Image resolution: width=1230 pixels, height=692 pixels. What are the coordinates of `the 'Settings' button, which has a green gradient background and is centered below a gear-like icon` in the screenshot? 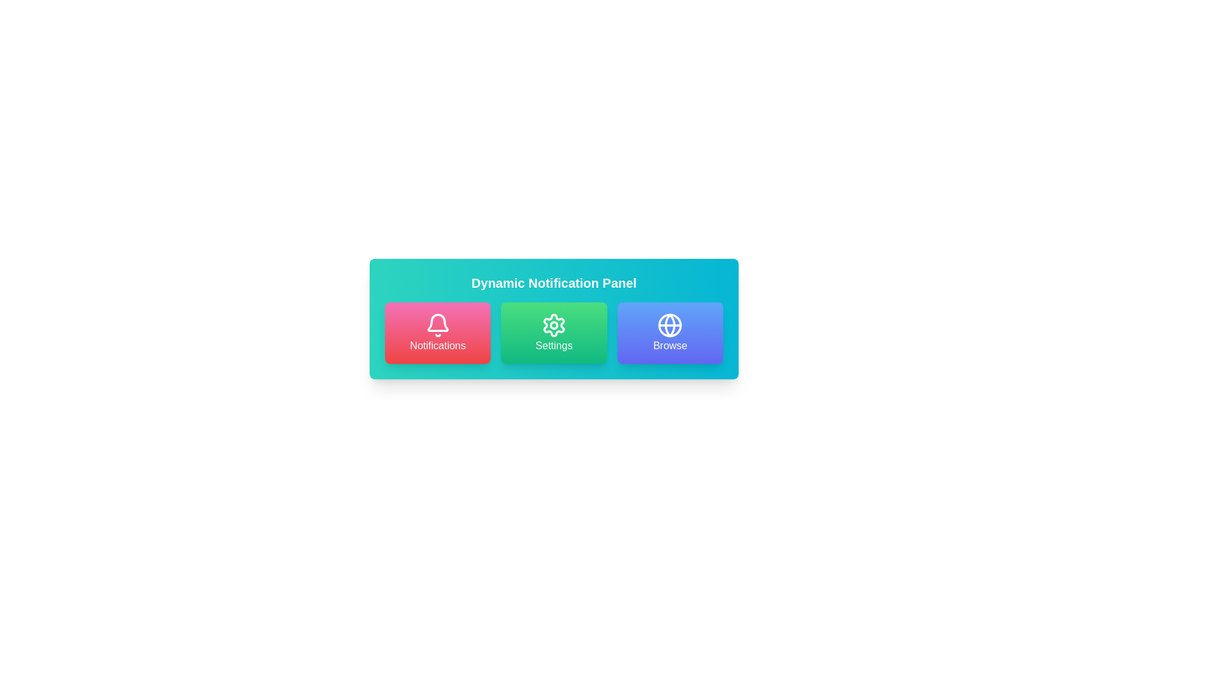 It's located at (553, 333).